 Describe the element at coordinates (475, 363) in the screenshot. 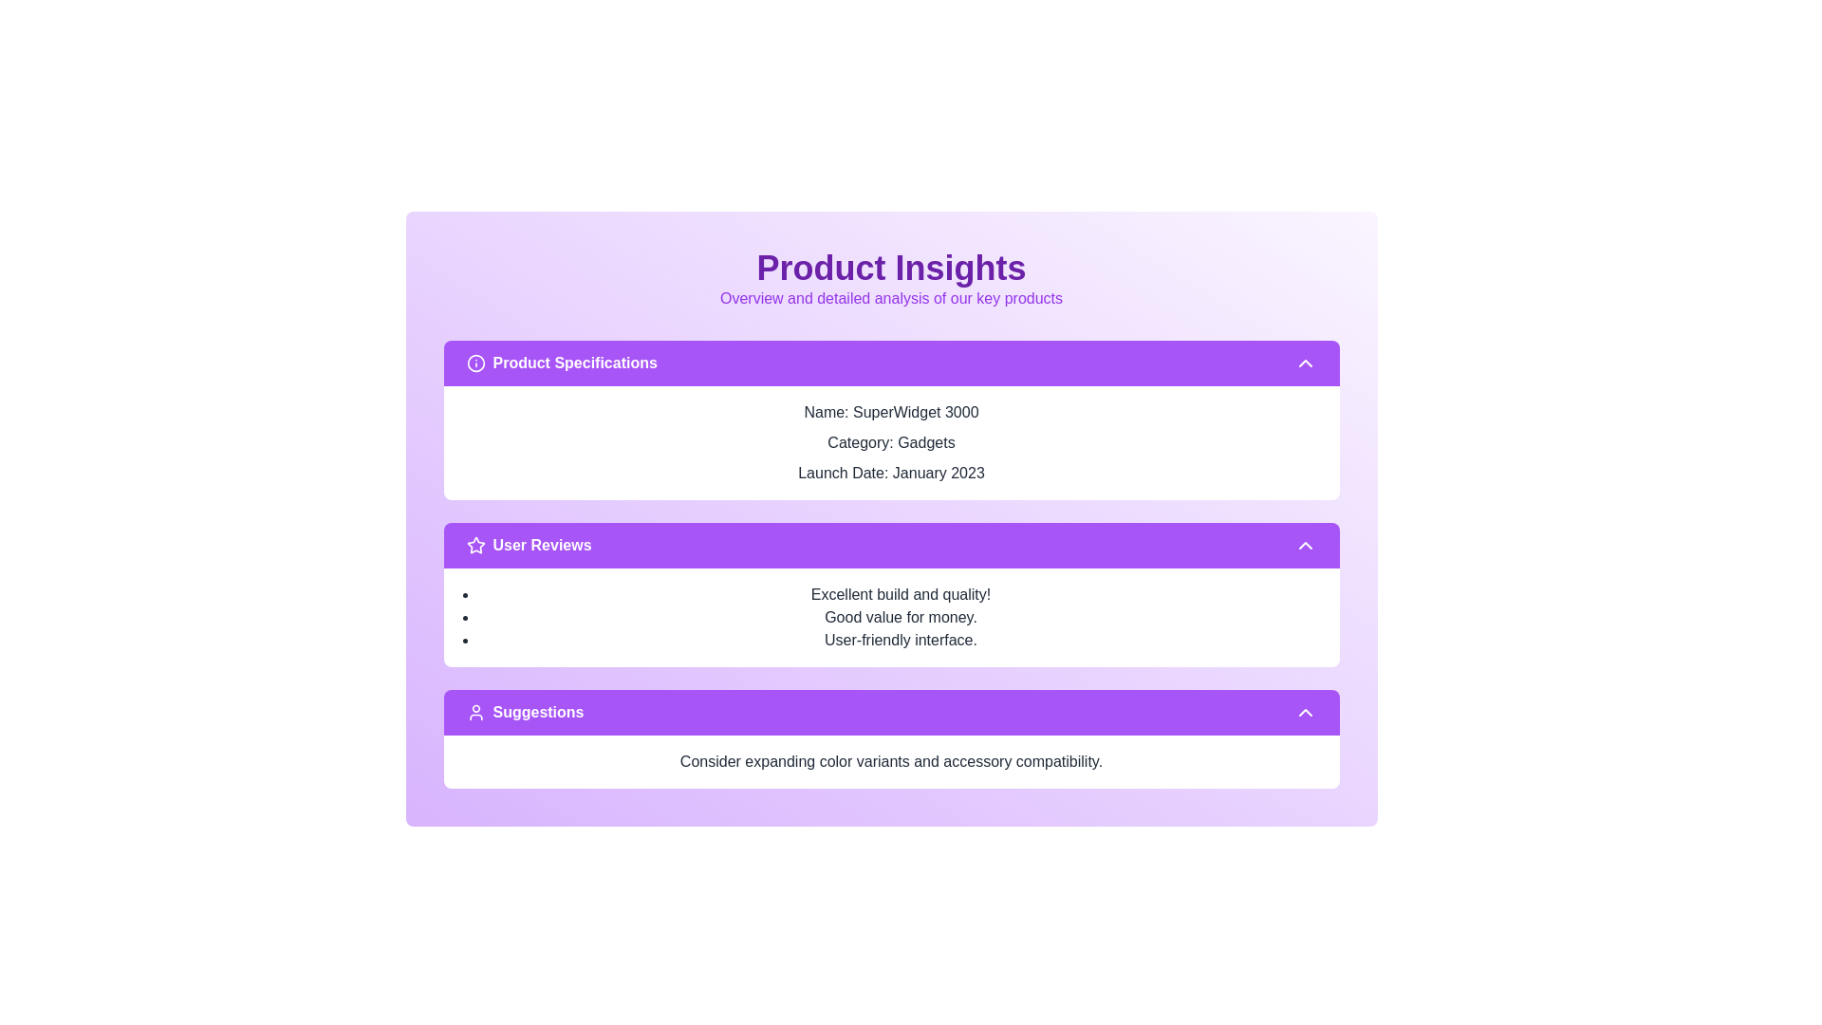

I see `the circular icon featuring a purple background and an information symbol ('i') for details, located to the left of 'Product Specifications'` at that location.